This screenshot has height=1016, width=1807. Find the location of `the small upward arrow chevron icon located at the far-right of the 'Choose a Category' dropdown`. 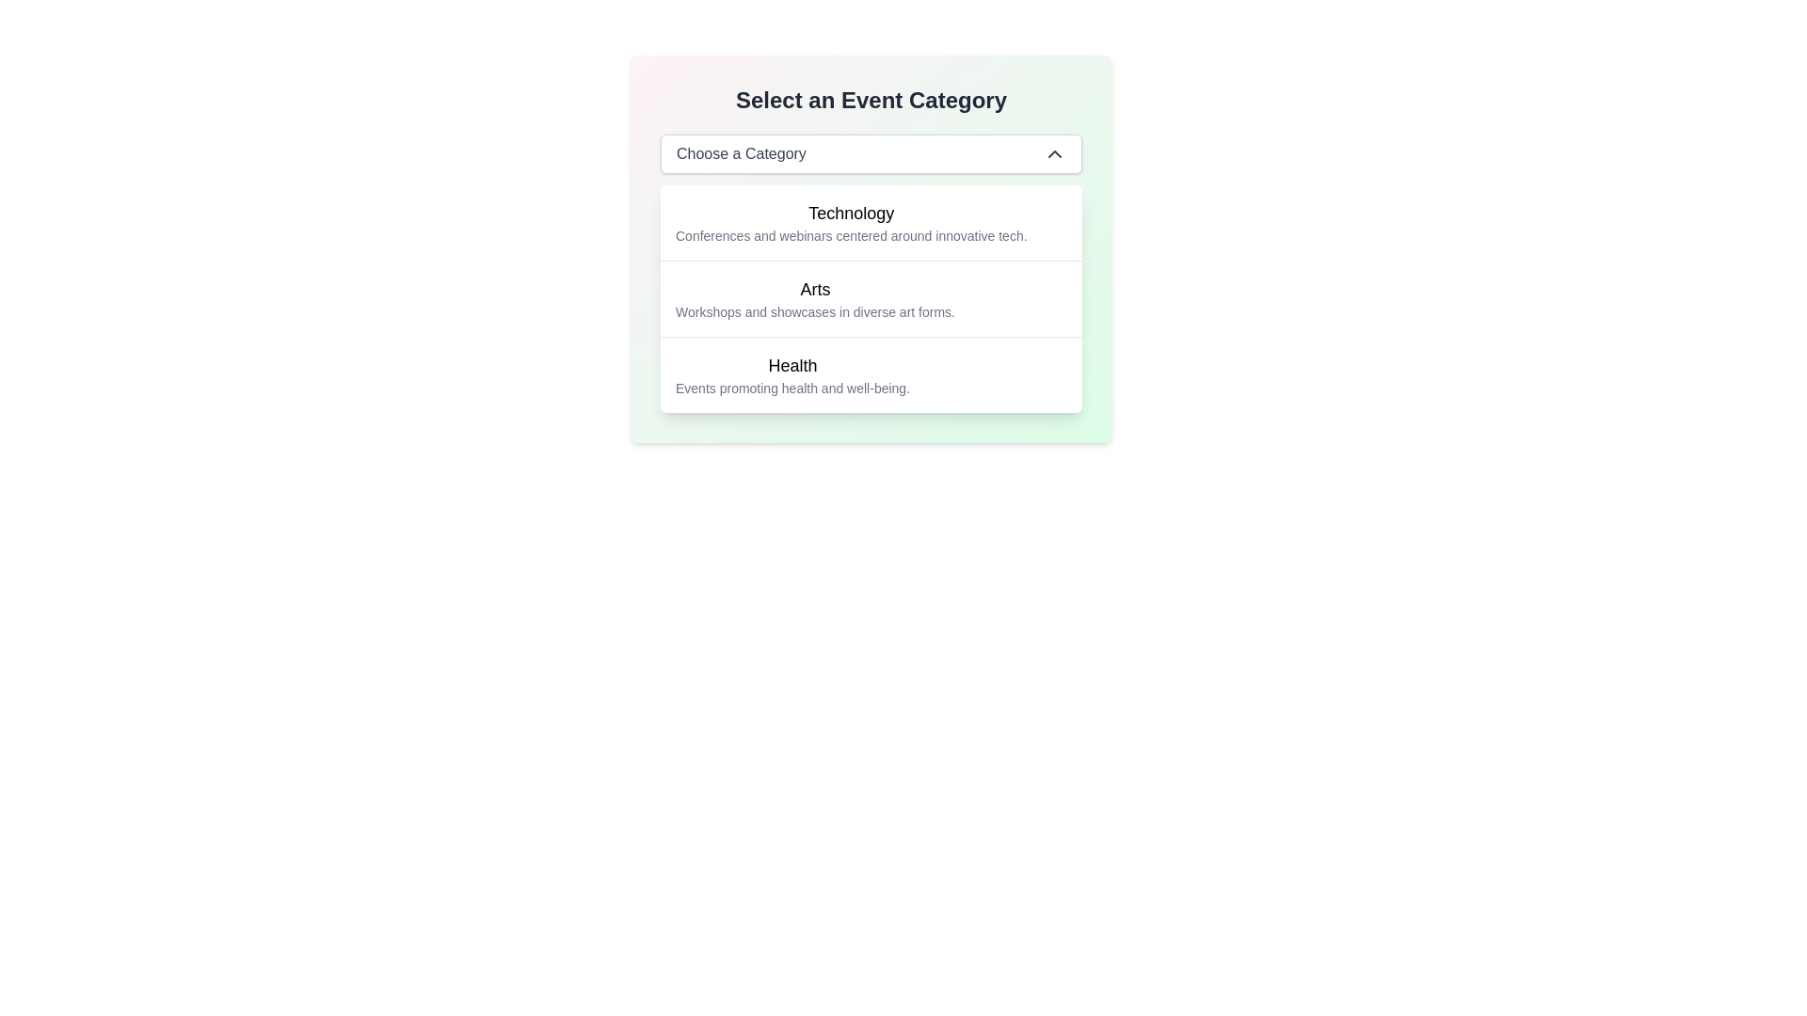

the small upward arrow chevron icon located at the far-right of the 'Choose a Category' dropdown is located at coordinates (1055, 153).